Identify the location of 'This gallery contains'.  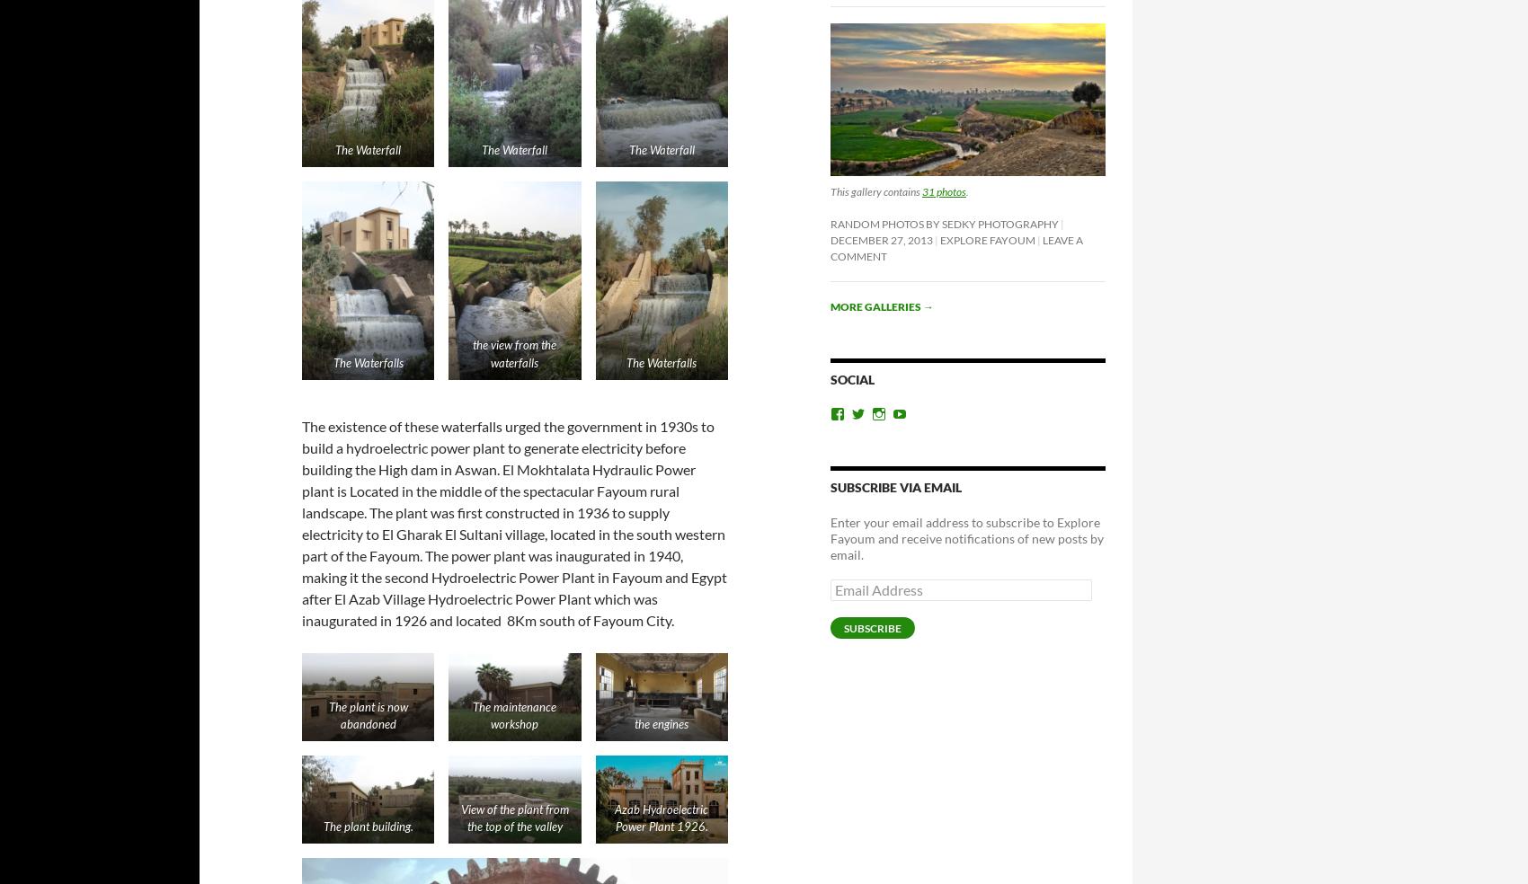
(875, 190).